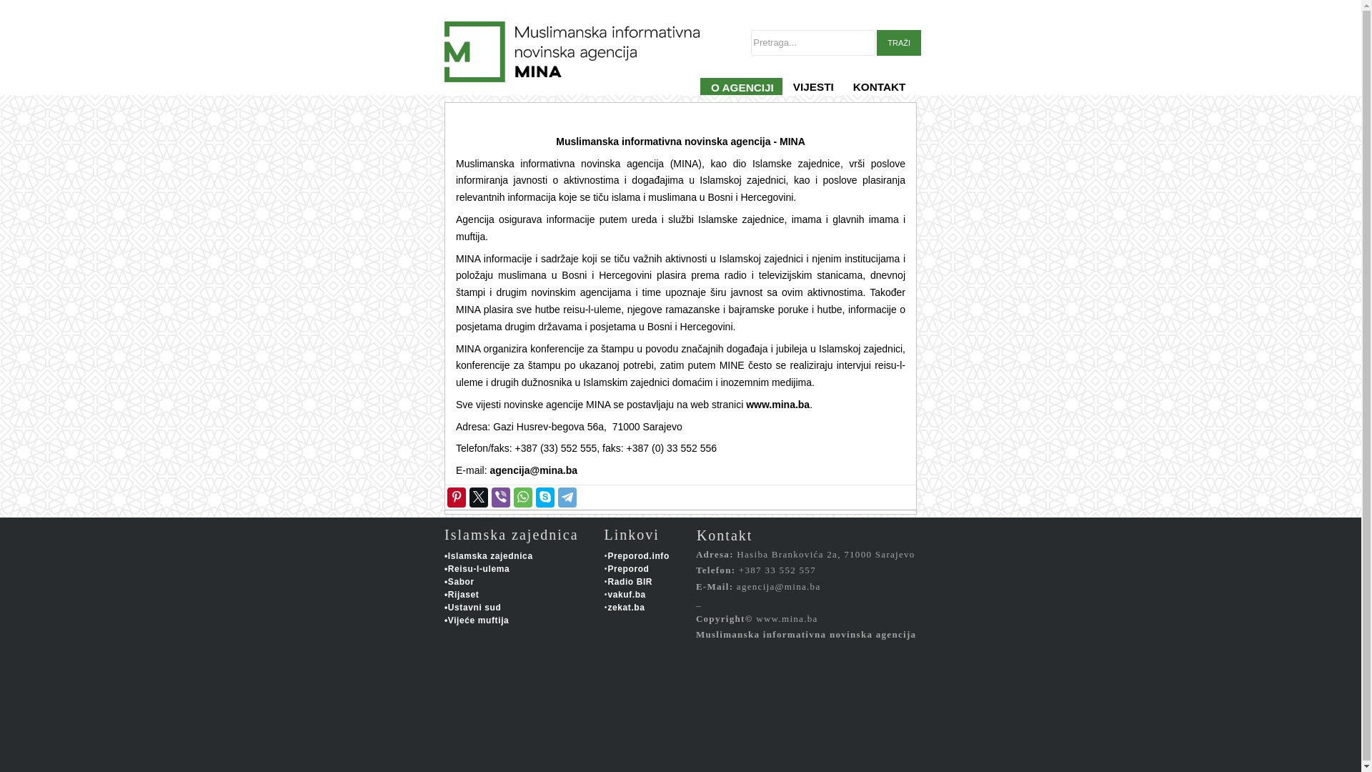  I want to click on 'Skype', so click(534, 496).